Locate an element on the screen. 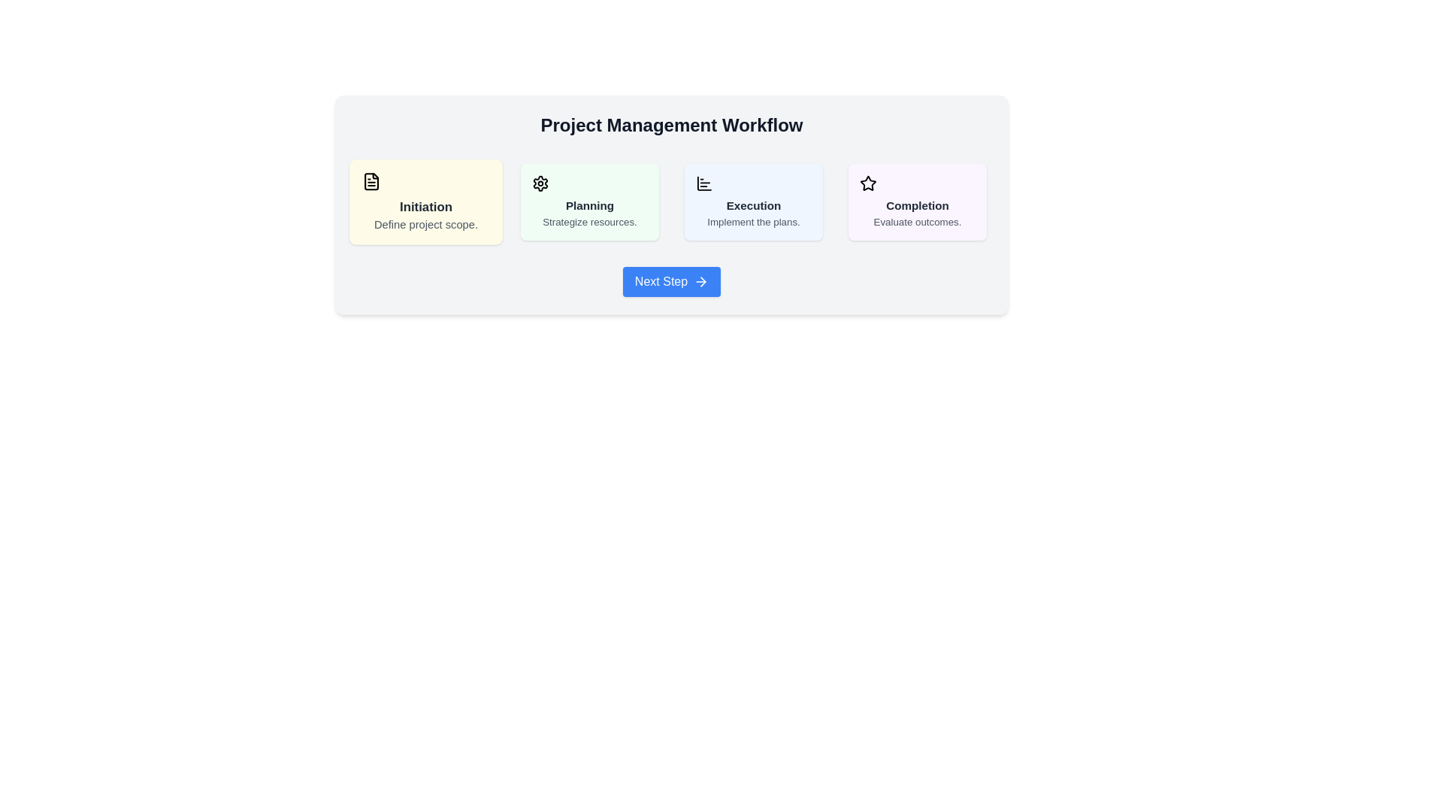 This screenshot has height=812, width=1443. the text label that says 'Evaluate outcomes.' located in the 'Completion' card component, which is styled with a smaller font size and lighter gray color is located at coordinates (916, 221).